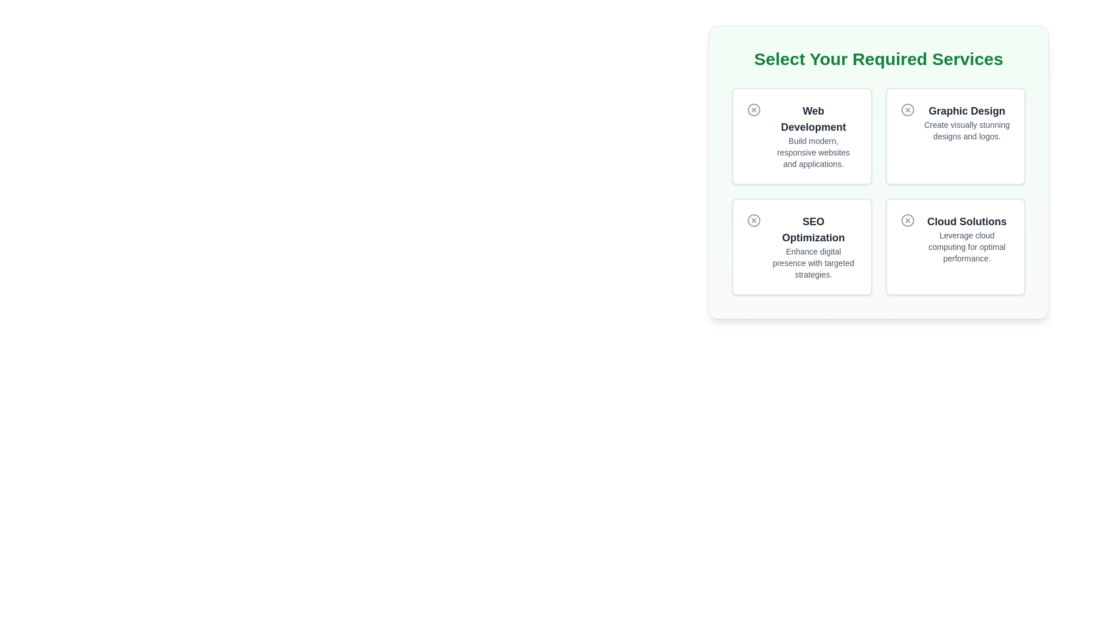 The height and width of the screenshot is (622, 1106). What do you see at coordinates (801, 135) in the screenshot?
I see `title 'Web Development' and description 'Build modern, responsive websites and applications.' from the informational card with a white background and rounded corners located in the top-left position of the grid` at bounding box center [801, 135].